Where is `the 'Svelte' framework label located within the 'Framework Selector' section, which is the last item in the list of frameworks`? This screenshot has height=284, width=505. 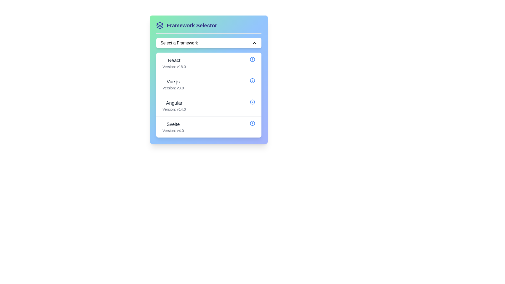 the 'Svelte' framework label located within the 'Framework Selector' section, which is the last item in the list of frameworks is located at coordinates (173, 124).